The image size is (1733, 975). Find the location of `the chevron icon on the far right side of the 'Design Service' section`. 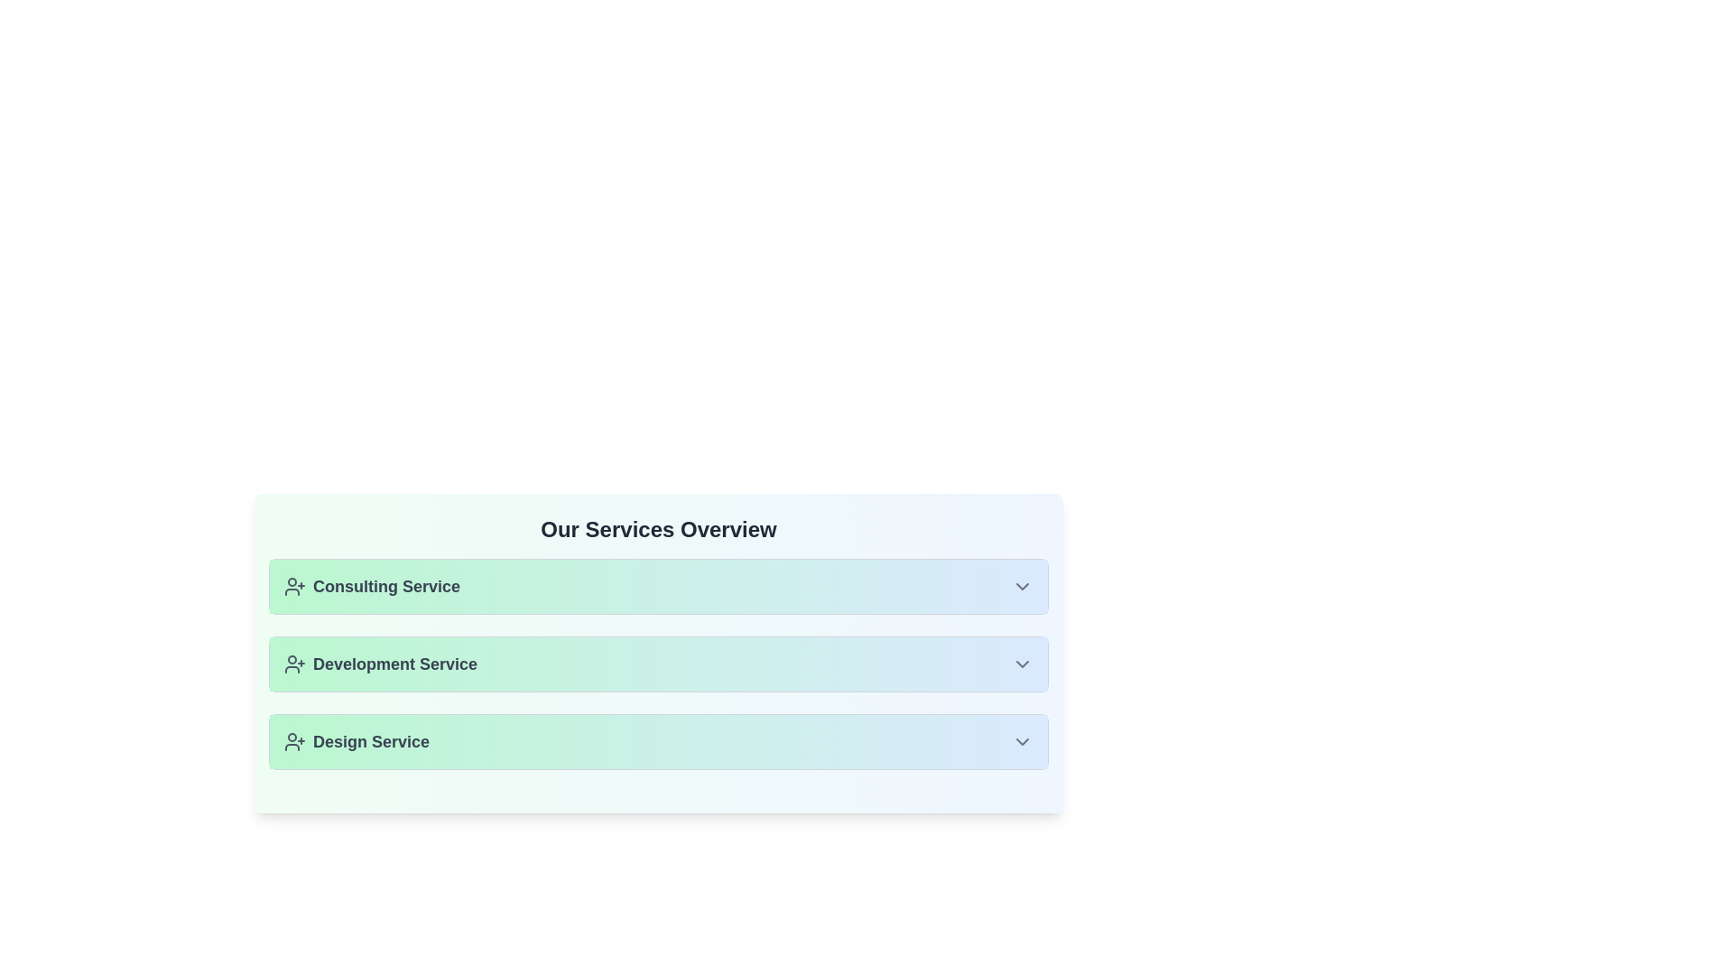

the chevron icon on the far right side of the 'Design Service' section is located at coordinates (1022, 741).